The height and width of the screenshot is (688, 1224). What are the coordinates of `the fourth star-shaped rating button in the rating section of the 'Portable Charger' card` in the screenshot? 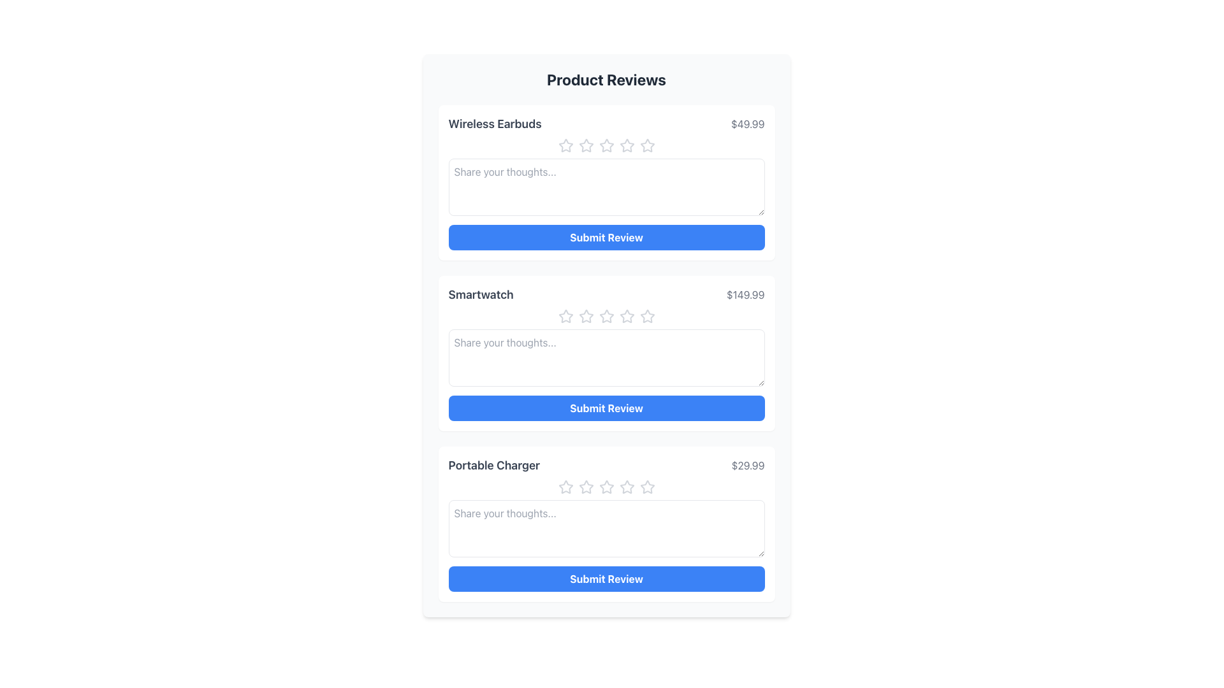 It's located at (627, 487).